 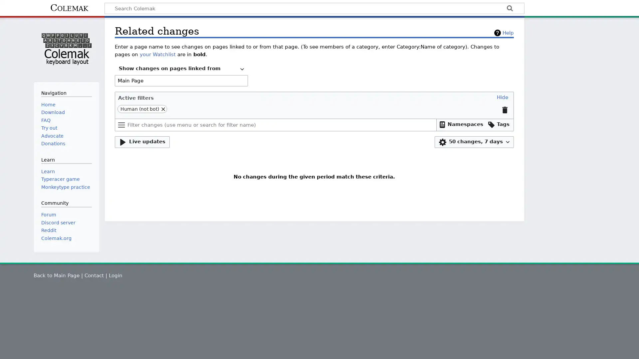 I want to click on Go, so click(x=509, y=9).